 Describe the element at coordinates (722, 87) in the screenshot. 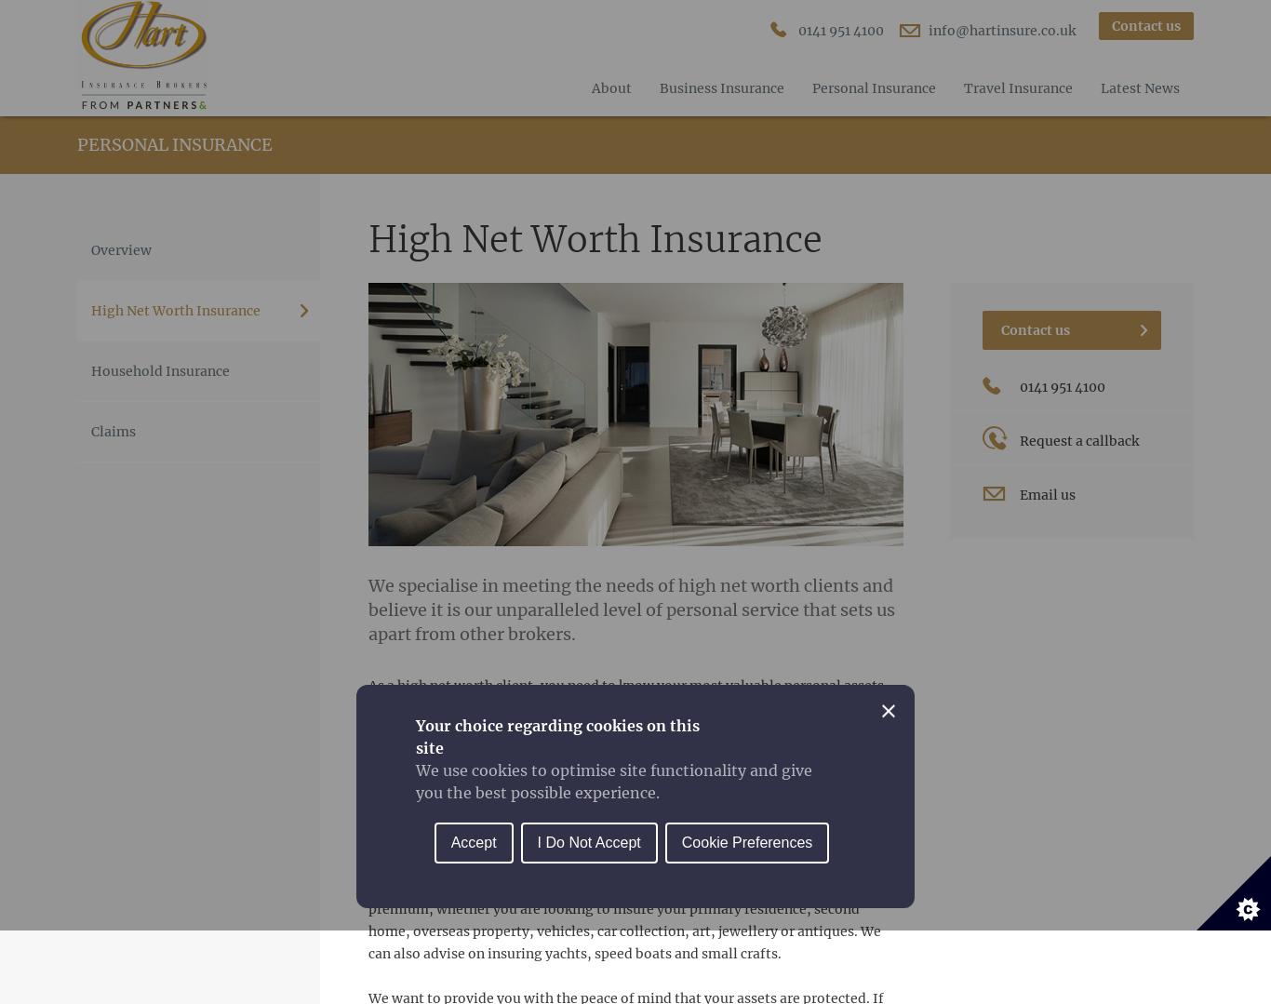

I see `'Business Insurance'` at that location.